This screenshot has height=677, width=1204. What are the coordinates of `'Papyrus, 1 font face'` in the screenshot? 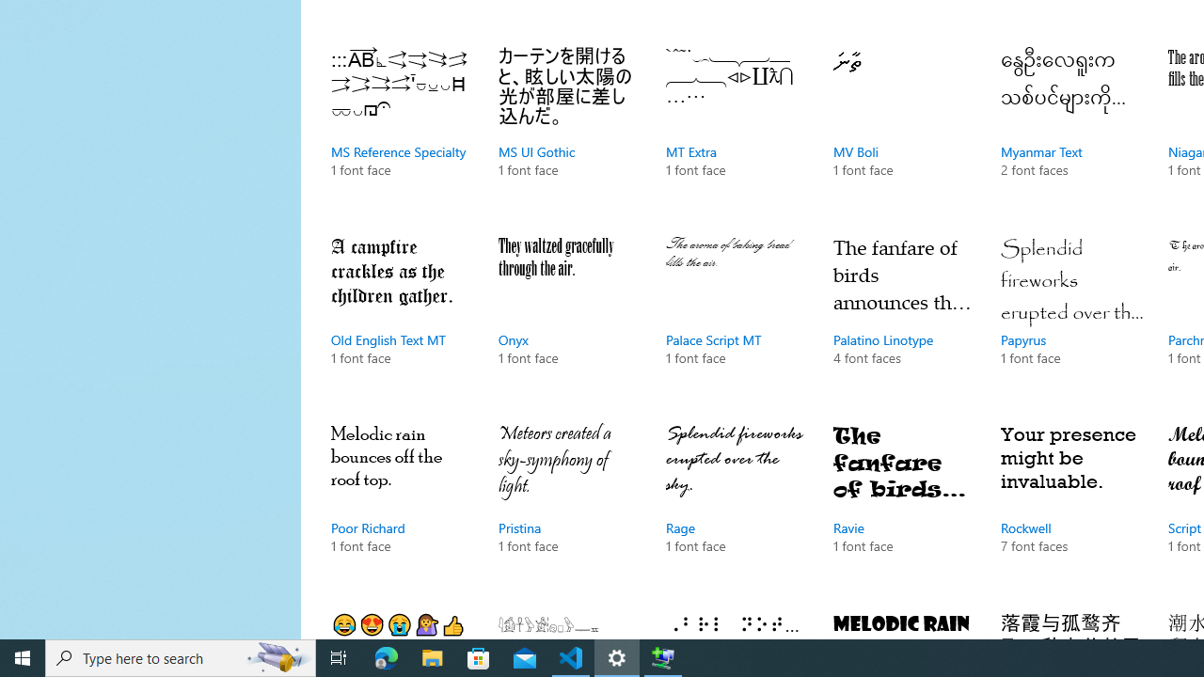 It's located at (1071, 318).